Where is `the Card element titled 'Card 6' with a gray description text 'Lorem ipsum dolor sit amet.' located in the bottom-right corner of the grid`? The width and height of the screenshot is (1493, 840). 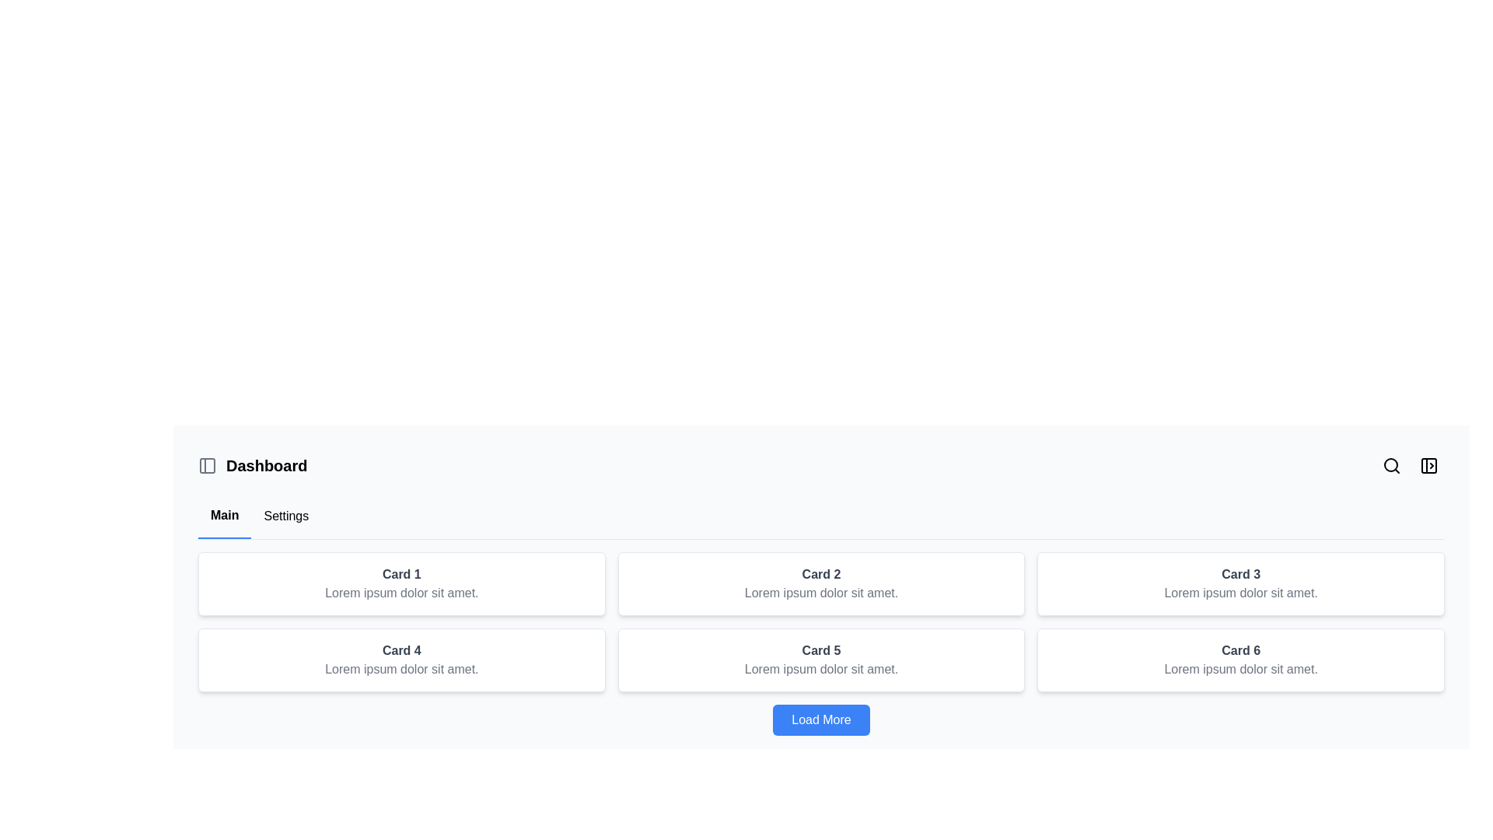
the Card element titled 'Card 6' with a gray description text 'Lorem ipsum dolor sit amet.' located in the bottom-right corner of the grid is located at coordinates (1240, 660).